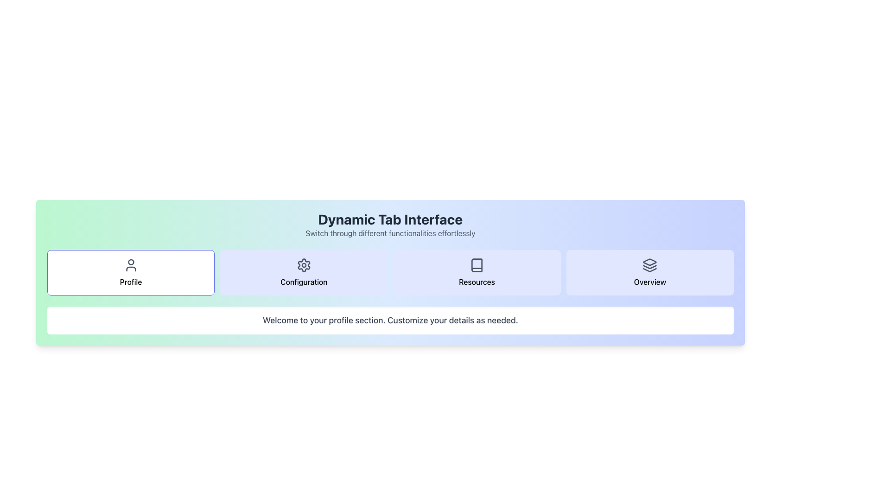 The image size is (890, 501). What do you see at coordinates (304, 265) in the screenshot?
I see `the 'Configuration' icon located in the second tab, which is placed between the 'Profile' and 'Resources' tabs, indicating access to settings or configuration functionality` at bounding box center [304, 265].